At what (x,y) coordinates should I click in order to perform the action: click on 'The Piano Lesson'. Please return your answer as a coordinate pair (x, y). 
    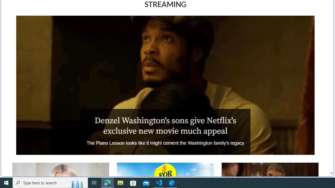
    Looking at the image, I should click on (165, 85).